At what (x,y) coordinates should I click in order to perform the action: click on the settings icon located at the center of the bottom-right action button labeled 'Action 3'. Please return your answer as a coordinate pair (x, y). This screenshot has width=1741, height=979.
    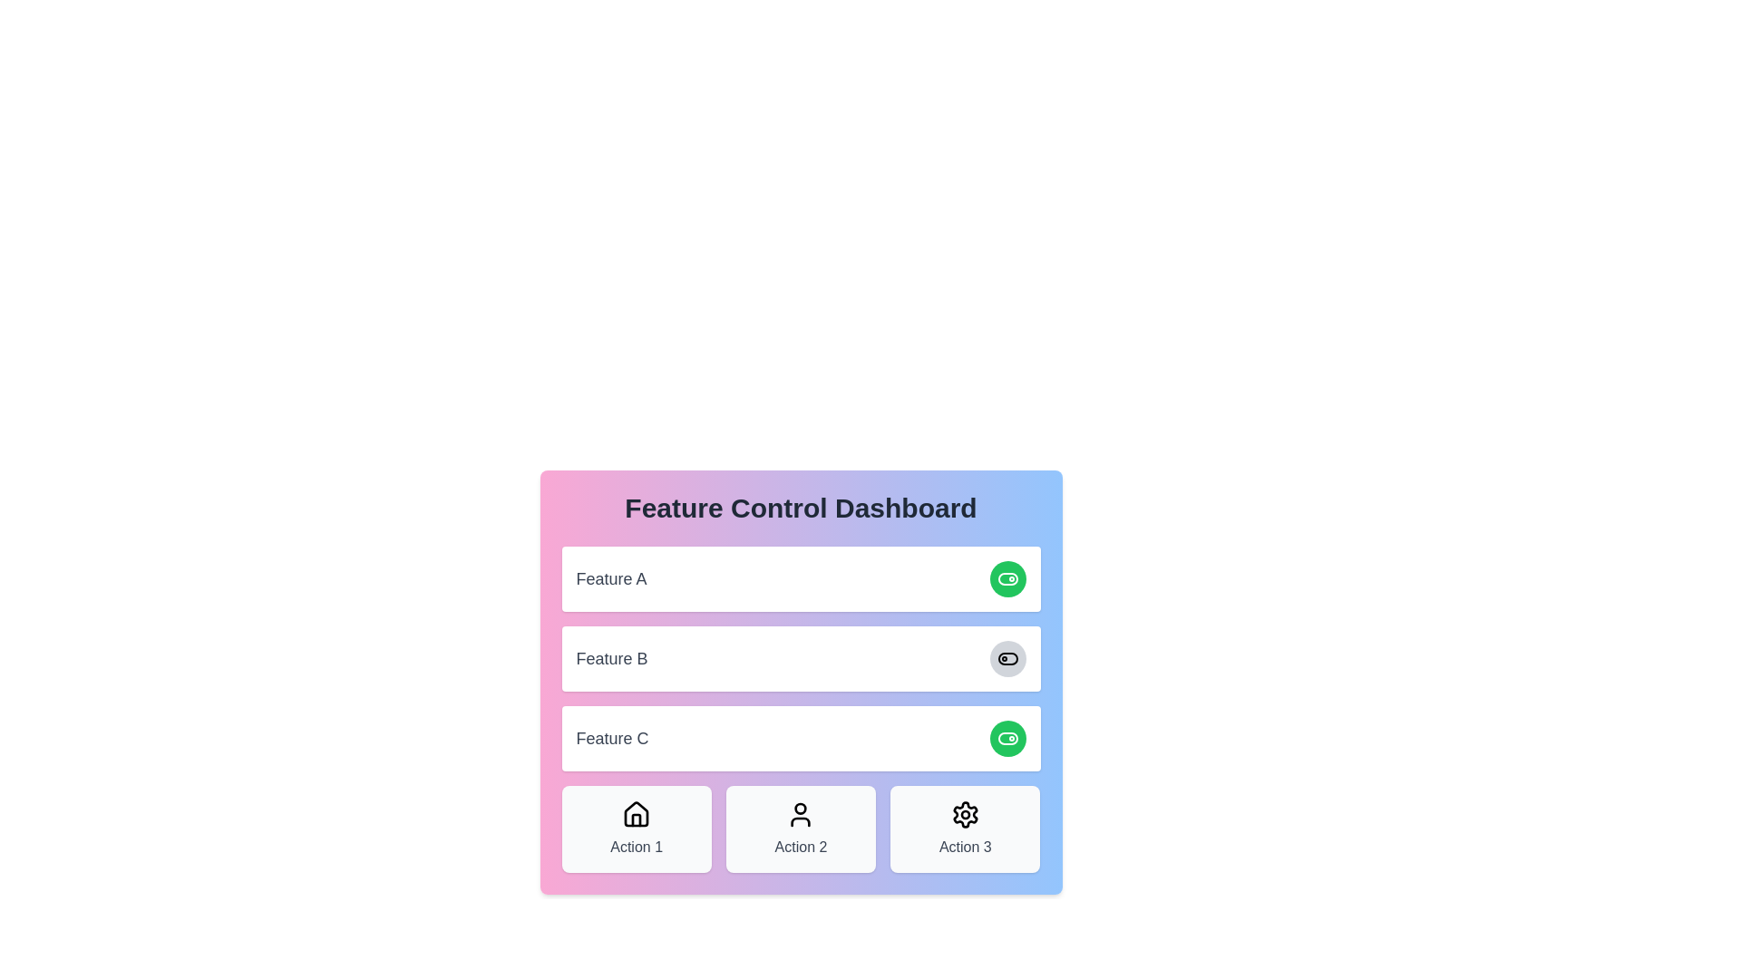
    Looking at the image, I should click on (964, 813).